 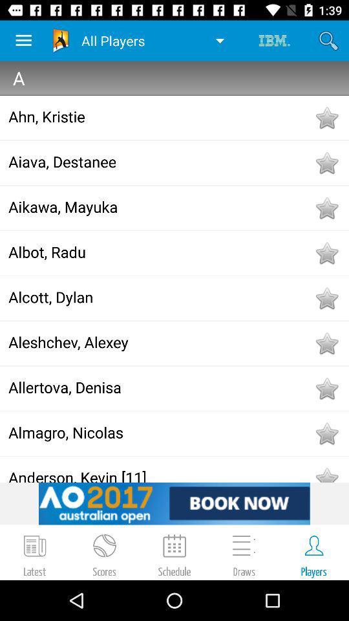 I want to click on the seventh star button in the page, so click(x=326, y=388).